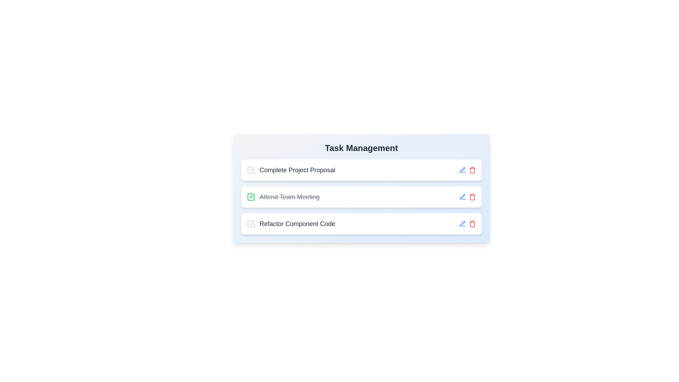 The width and height of the screenshot is (679, 382). I want to click on the green outlined square checkbox icon with a checkmark, indicating a completed task in the Task Management list, aligned with the text 'Attend Team Meeting', so click(251, 197).